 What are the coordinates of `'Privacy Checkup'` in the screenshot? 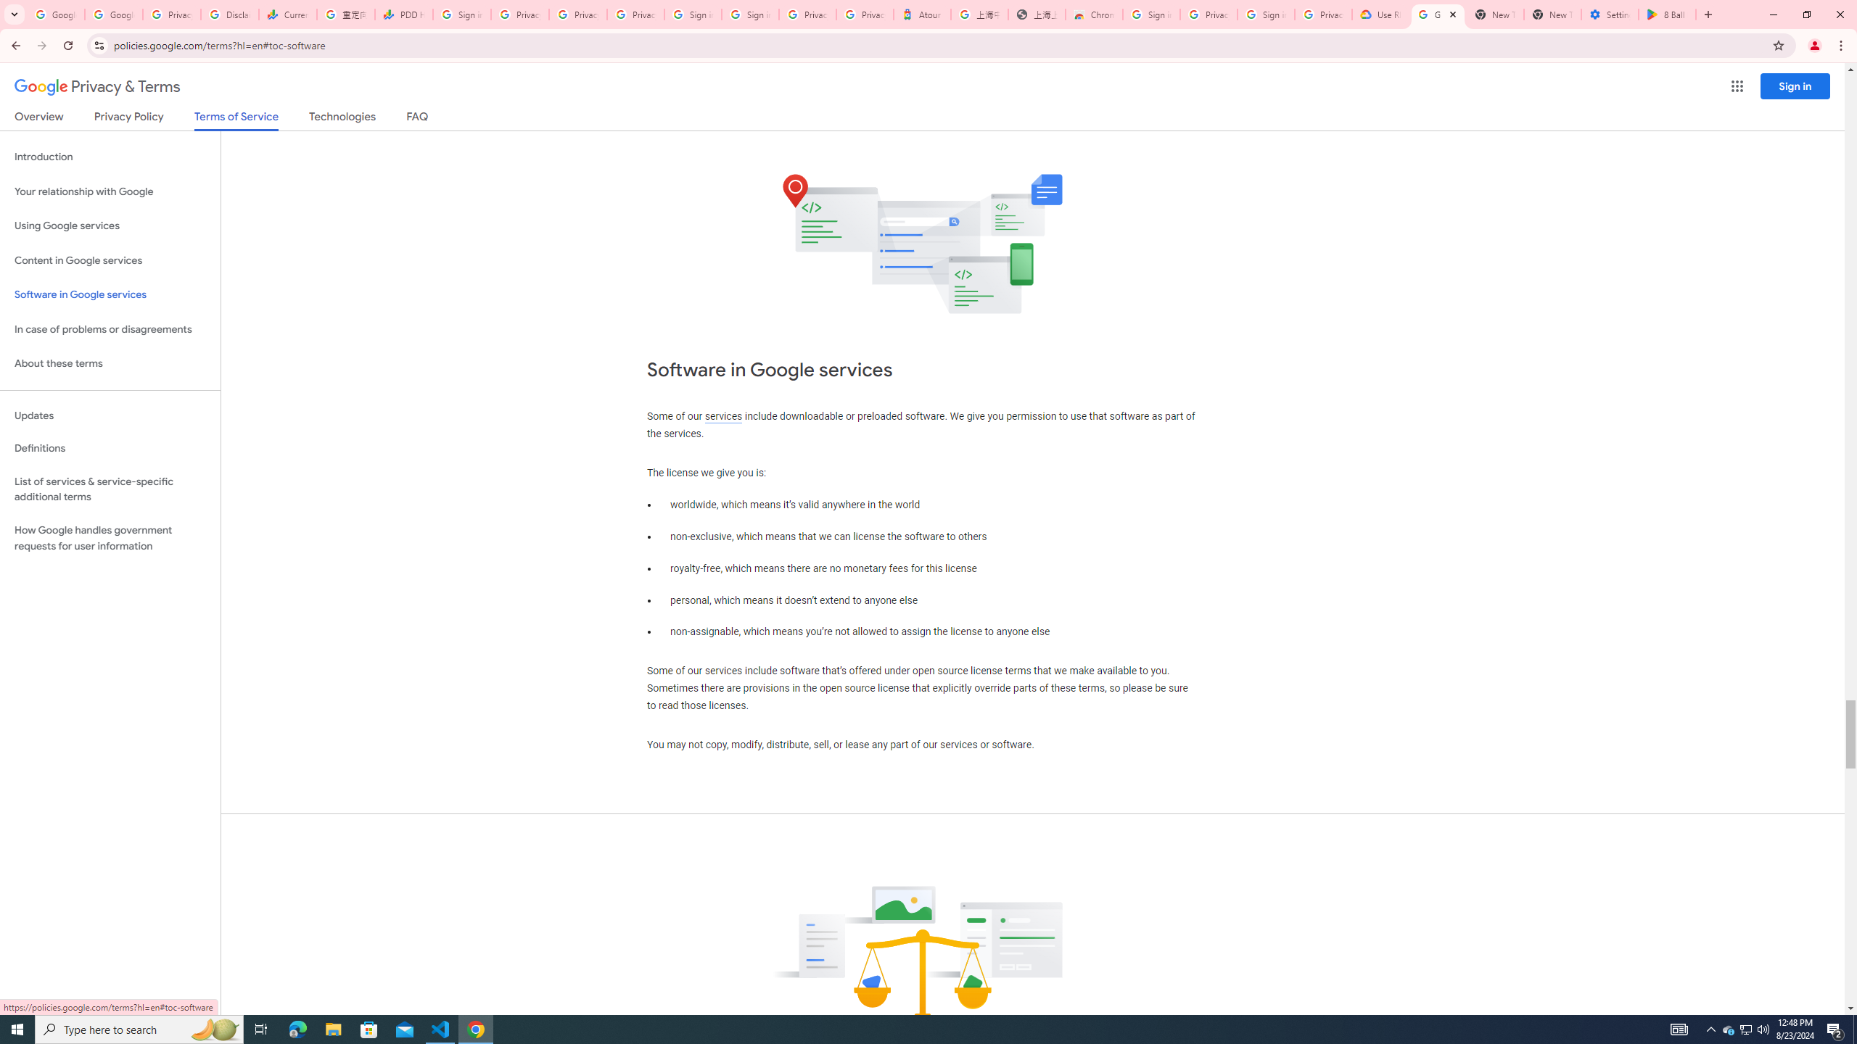 It's located at (577, 14).